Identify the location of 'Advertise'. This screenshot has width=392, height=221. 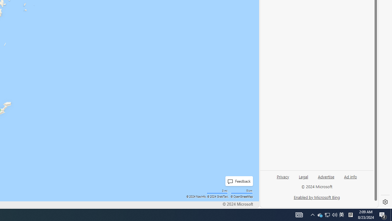
(326, 176).